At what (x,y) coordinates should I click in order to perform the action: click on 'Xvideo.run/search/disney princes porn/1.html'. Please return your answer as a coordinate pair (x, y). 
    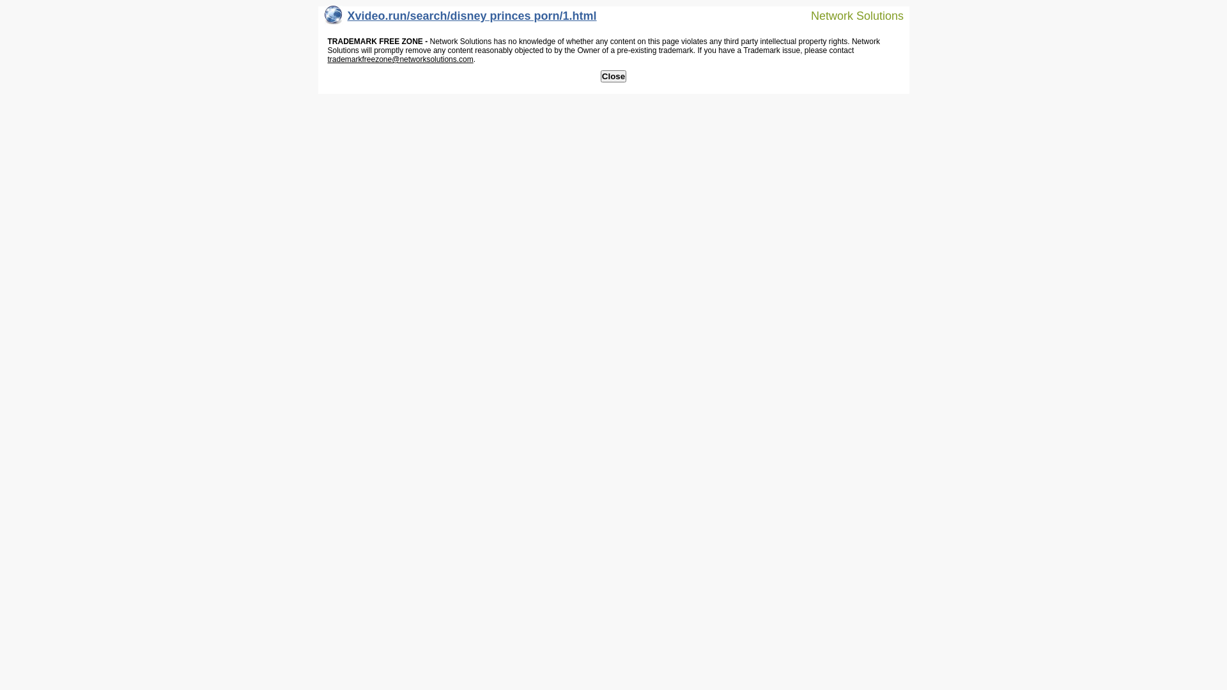
    Looking at the image, I should click on (460, 19).